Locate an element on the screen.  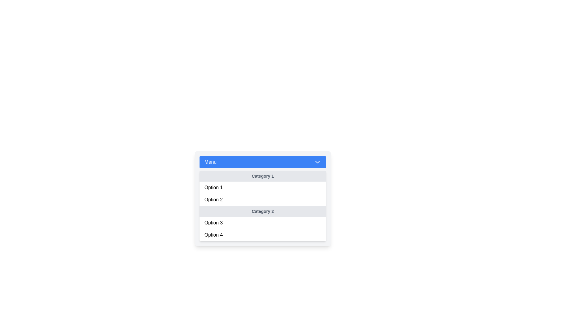
the organizational label at the top of the dropdown menu that groups associated options is located at coordinates (263, 176).